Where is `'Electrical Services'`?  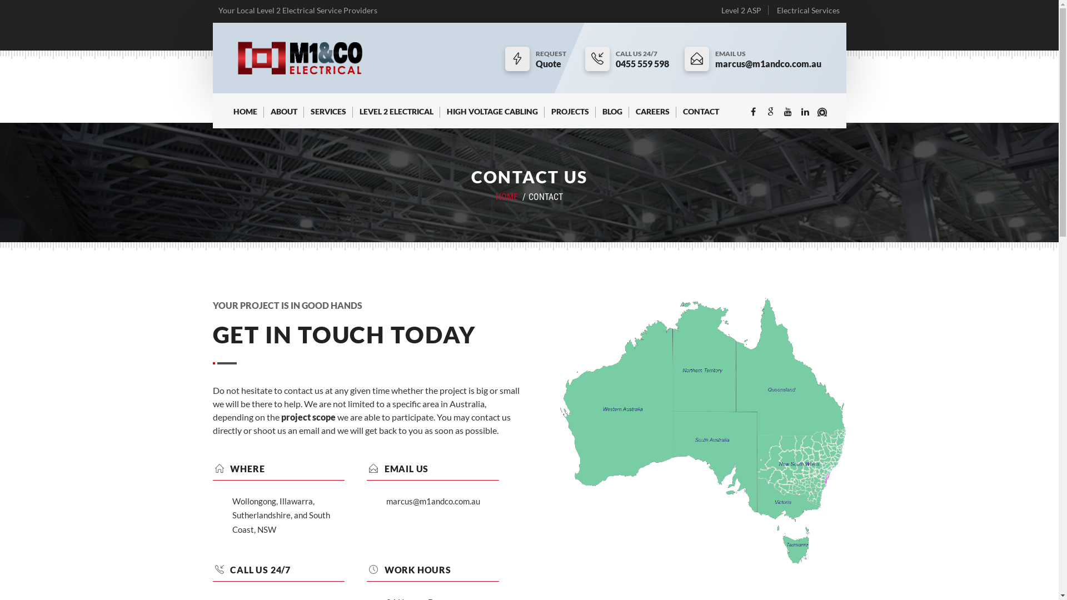 'Electrical Services' is located at coordinates (808, 10).